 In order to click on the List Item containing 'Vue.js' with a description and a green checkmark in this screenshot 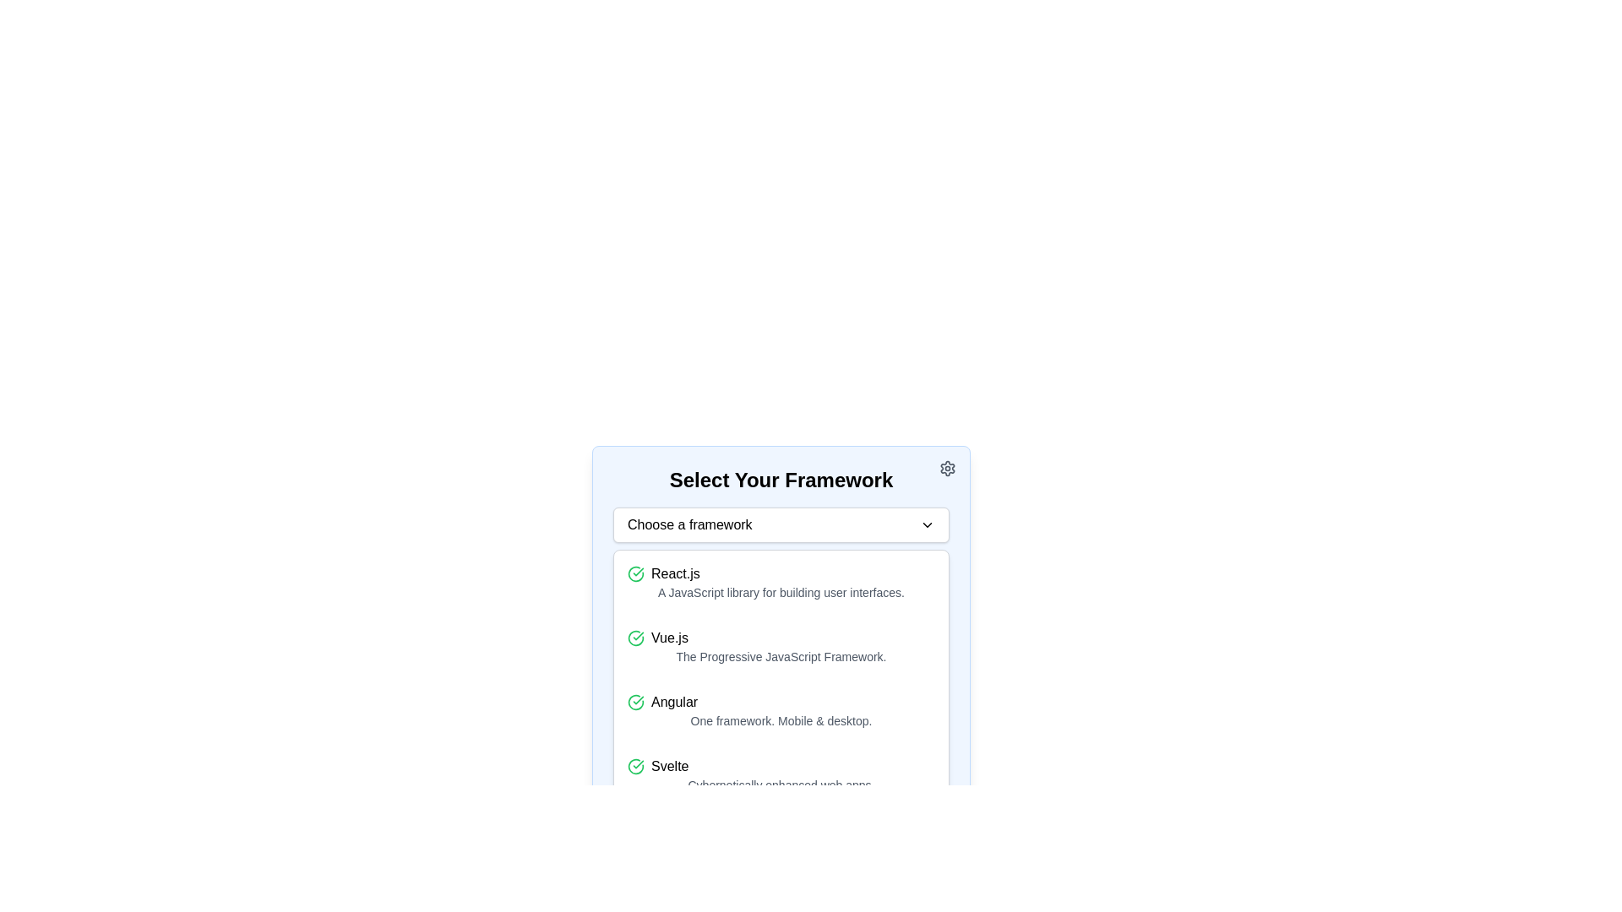, I will do `click(781, 646)`.